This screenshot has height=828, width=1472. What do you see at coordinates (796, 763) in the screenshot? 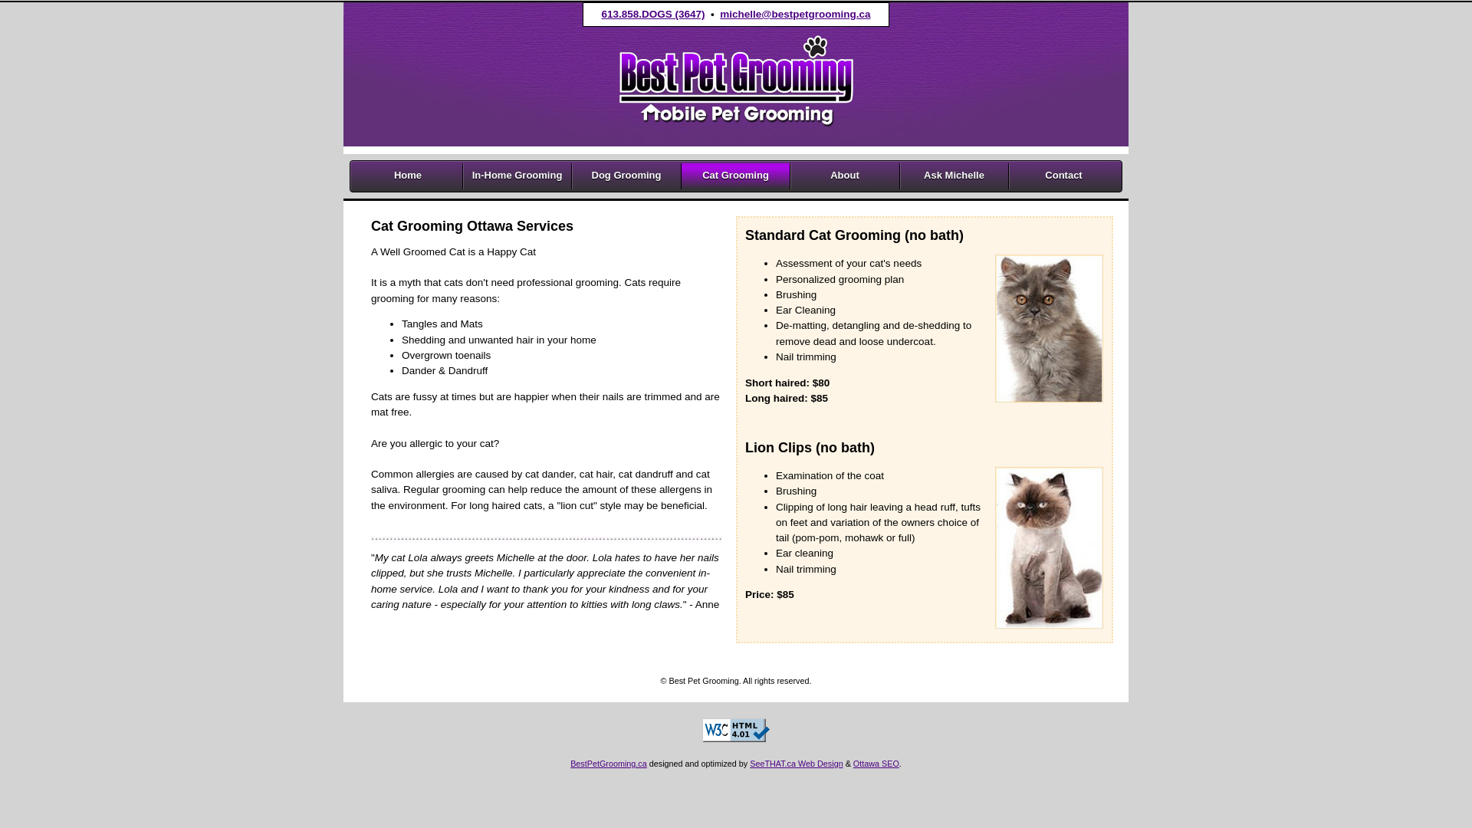
I see `'SeeTHAT.ca Web Design'` at bounding box center [796, 763].